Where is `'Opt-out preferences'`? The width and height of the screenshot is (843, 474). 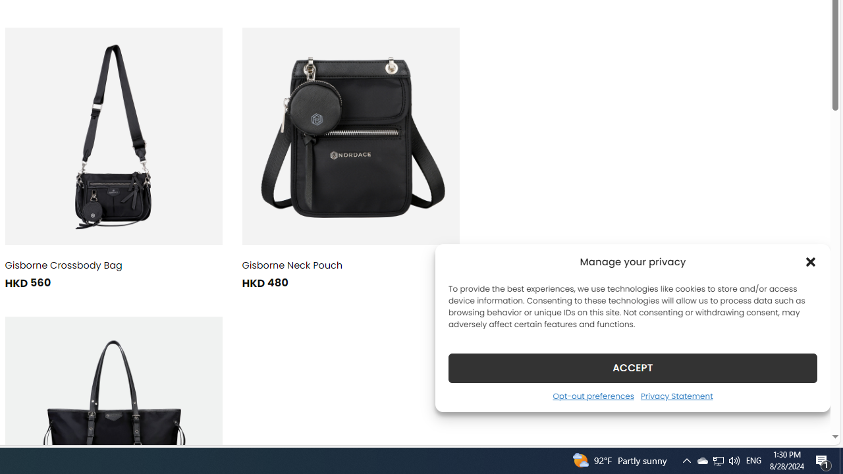 'Opt-out preferences' is located at coordinates (592, 395).